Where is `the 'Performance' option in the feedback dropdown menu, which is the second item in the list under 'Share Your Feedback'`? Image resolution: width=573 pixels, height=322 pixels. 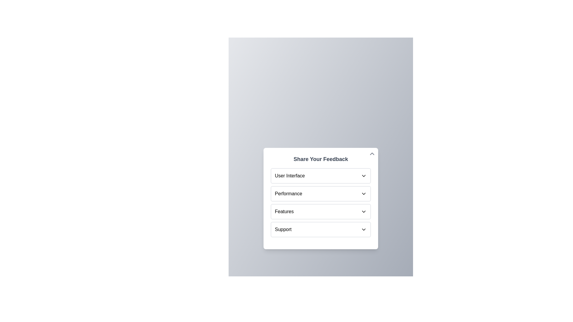
the 'Performance' option in the feedback dropdown menu, which is the second item in the list under 'Share Your Feedback' is located at coordinates (288, 194).